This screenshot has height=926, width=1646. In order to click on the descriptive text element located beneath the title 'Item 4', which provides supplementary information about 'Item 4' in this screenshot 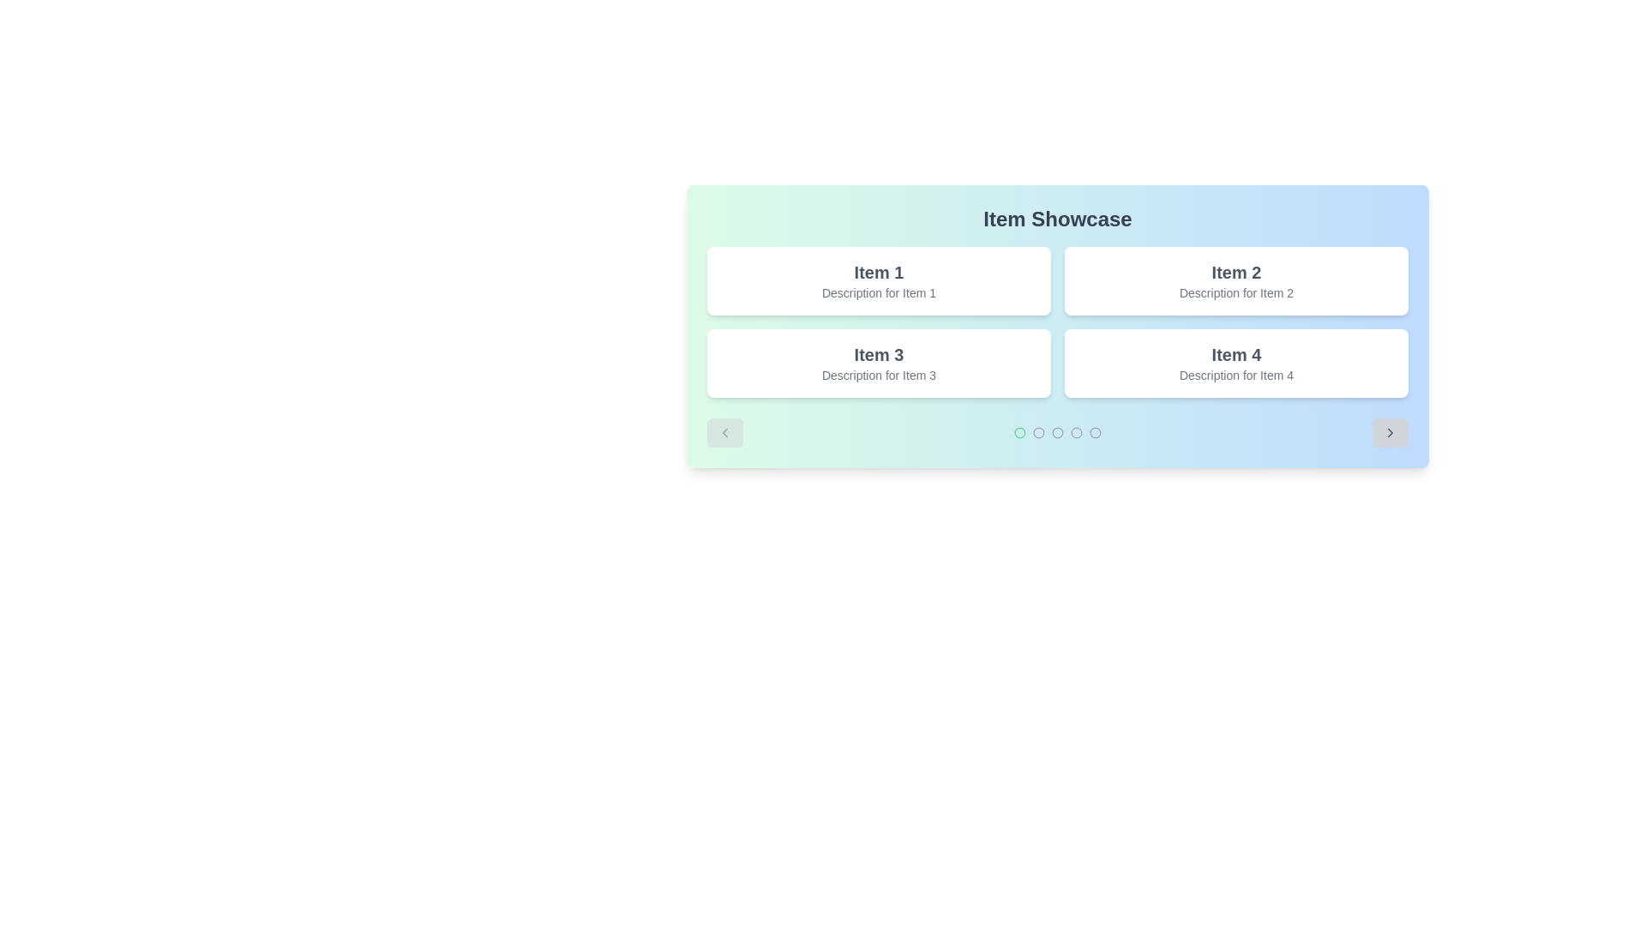, I will do `click(1236, 375)`.